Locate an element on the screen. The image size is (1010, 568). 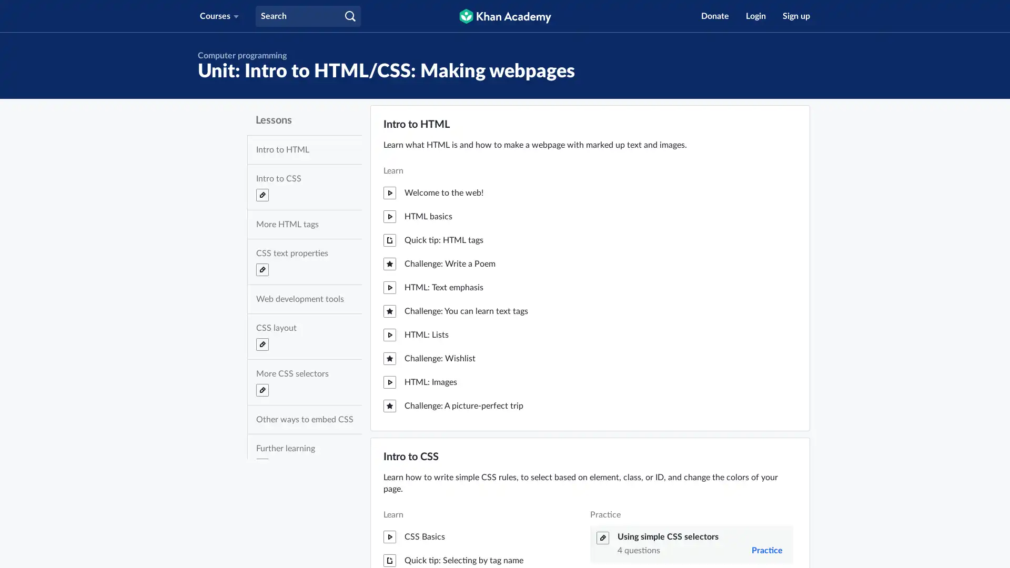
Courses is located at coordinates (219, 16).